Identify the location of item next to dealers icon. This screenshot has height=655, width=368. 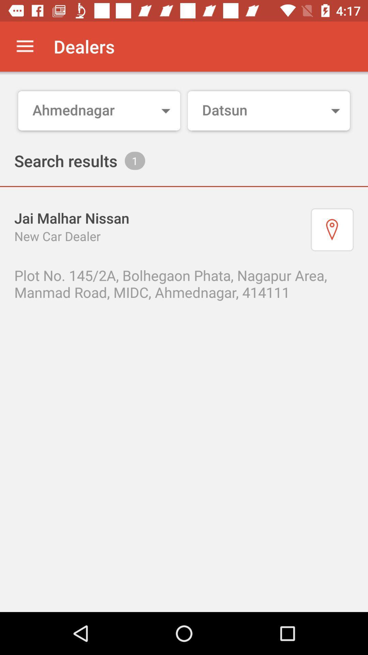
(25, 46).